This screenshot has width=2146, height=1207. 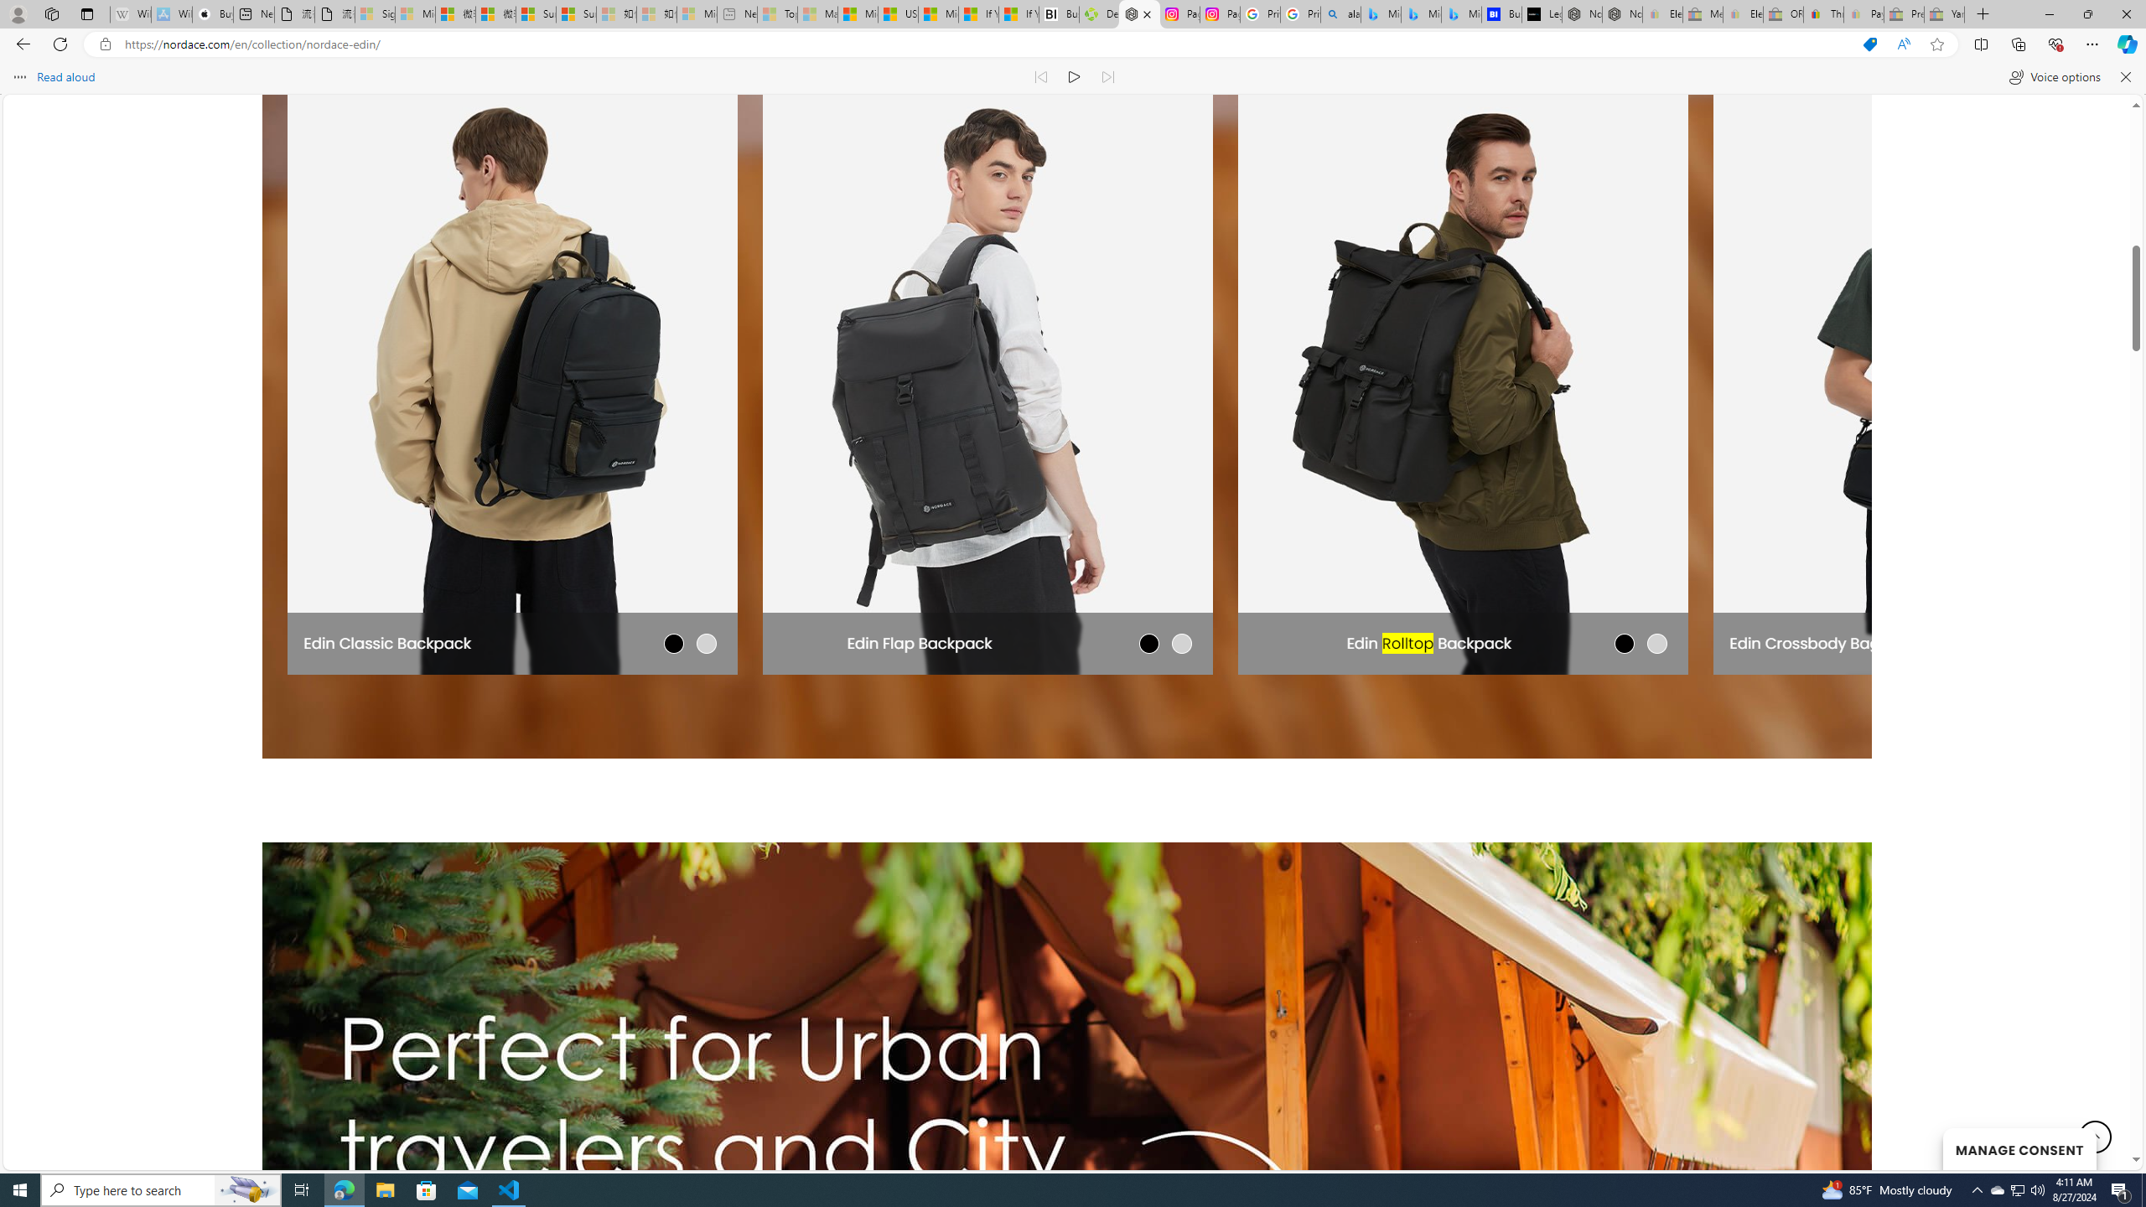 What do you see at coordinates (376, 13) in the screenshot?
I see `'Sign in to your Microsoft account - Sleeping'` at bounding box center [376, 13].